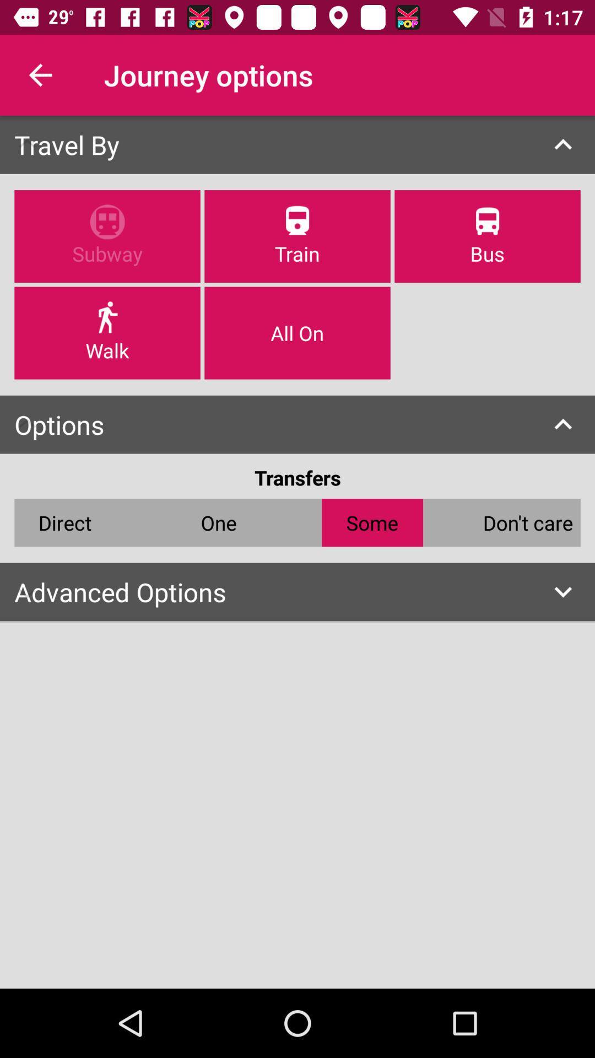 The image size is (595, 1058). What do you see at coordinates (219, 522) in the screenshot?
I see `the icon below the transfers` at bounding box center [219, 522].